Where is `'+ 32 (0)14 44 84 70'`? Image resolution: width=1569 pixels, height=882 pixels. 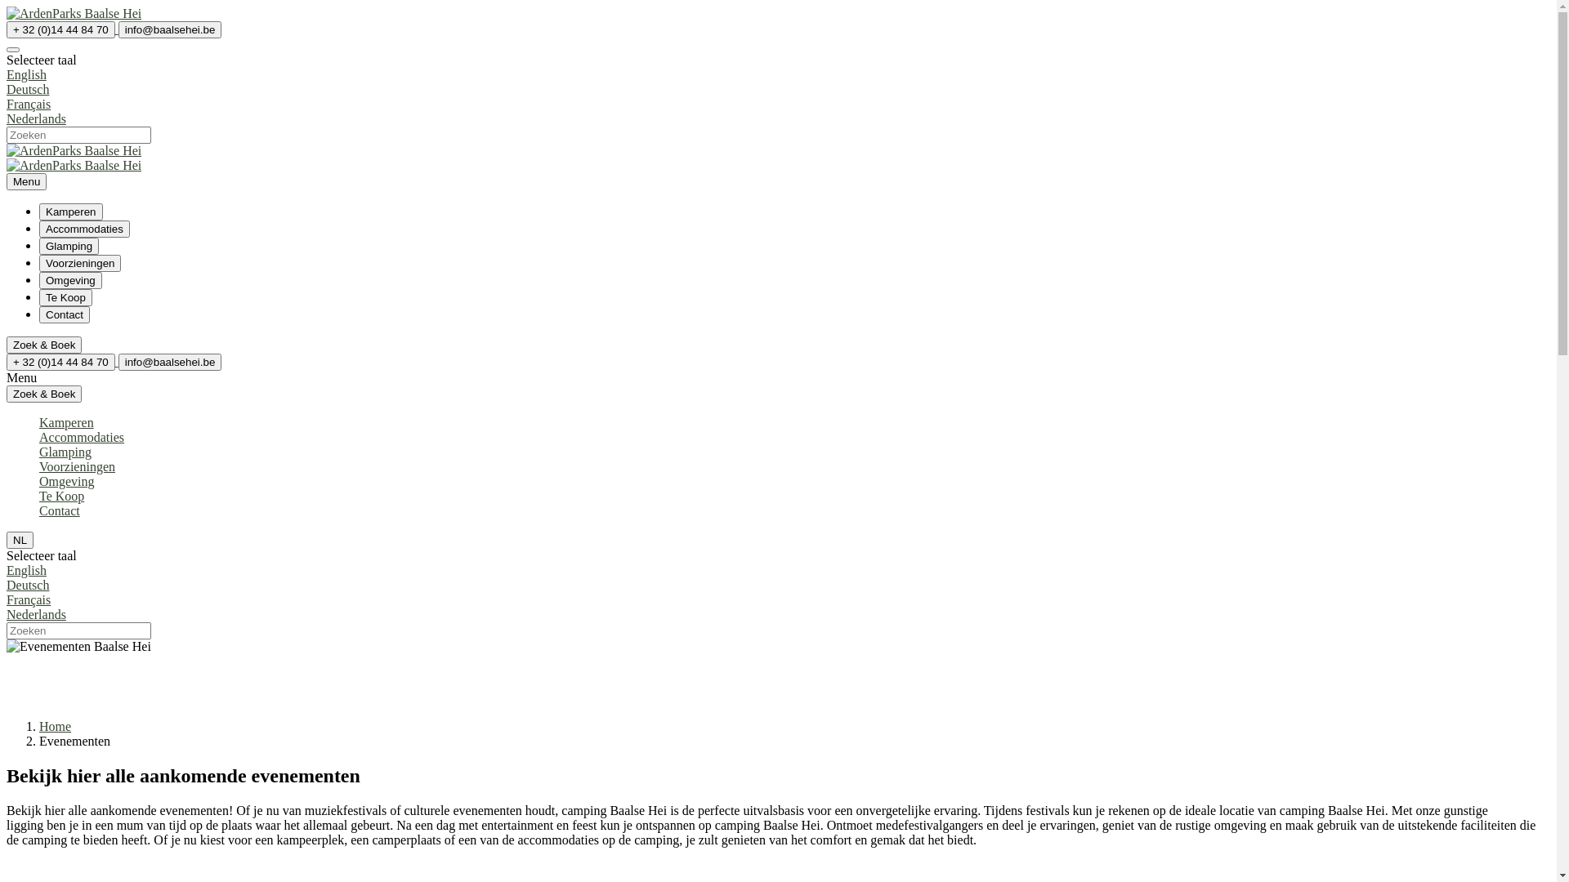 '+ 32 (0)14 44 84 70' is located at coordinates (7, 29).